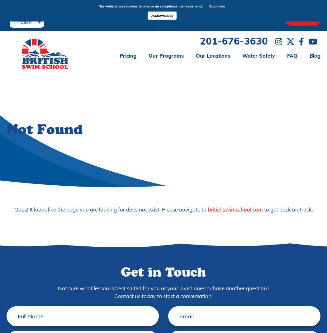 This screenshot has height=333, width=327. Describe the element at coordinates (213, 55) in the screenshot. I see `'Our Locations'` at that location.